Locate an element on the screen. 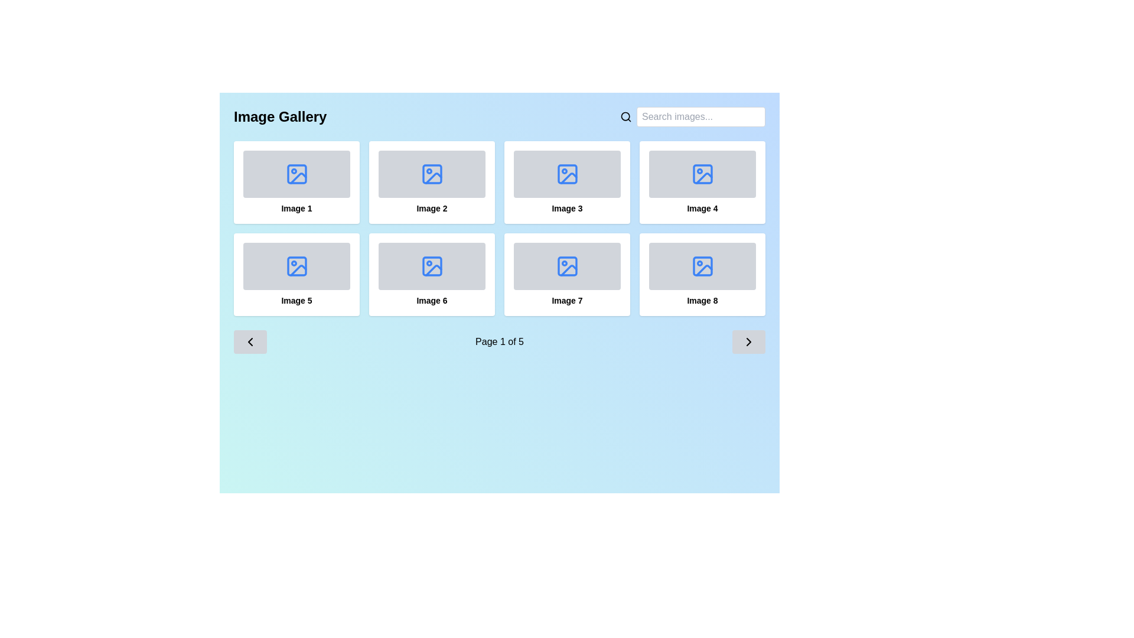 The width and height of the screenshot is (1134, 638). the fourth card in the grid layout, which serves as a placeholder for 'Image 4' is located at coordinates (702, 182).